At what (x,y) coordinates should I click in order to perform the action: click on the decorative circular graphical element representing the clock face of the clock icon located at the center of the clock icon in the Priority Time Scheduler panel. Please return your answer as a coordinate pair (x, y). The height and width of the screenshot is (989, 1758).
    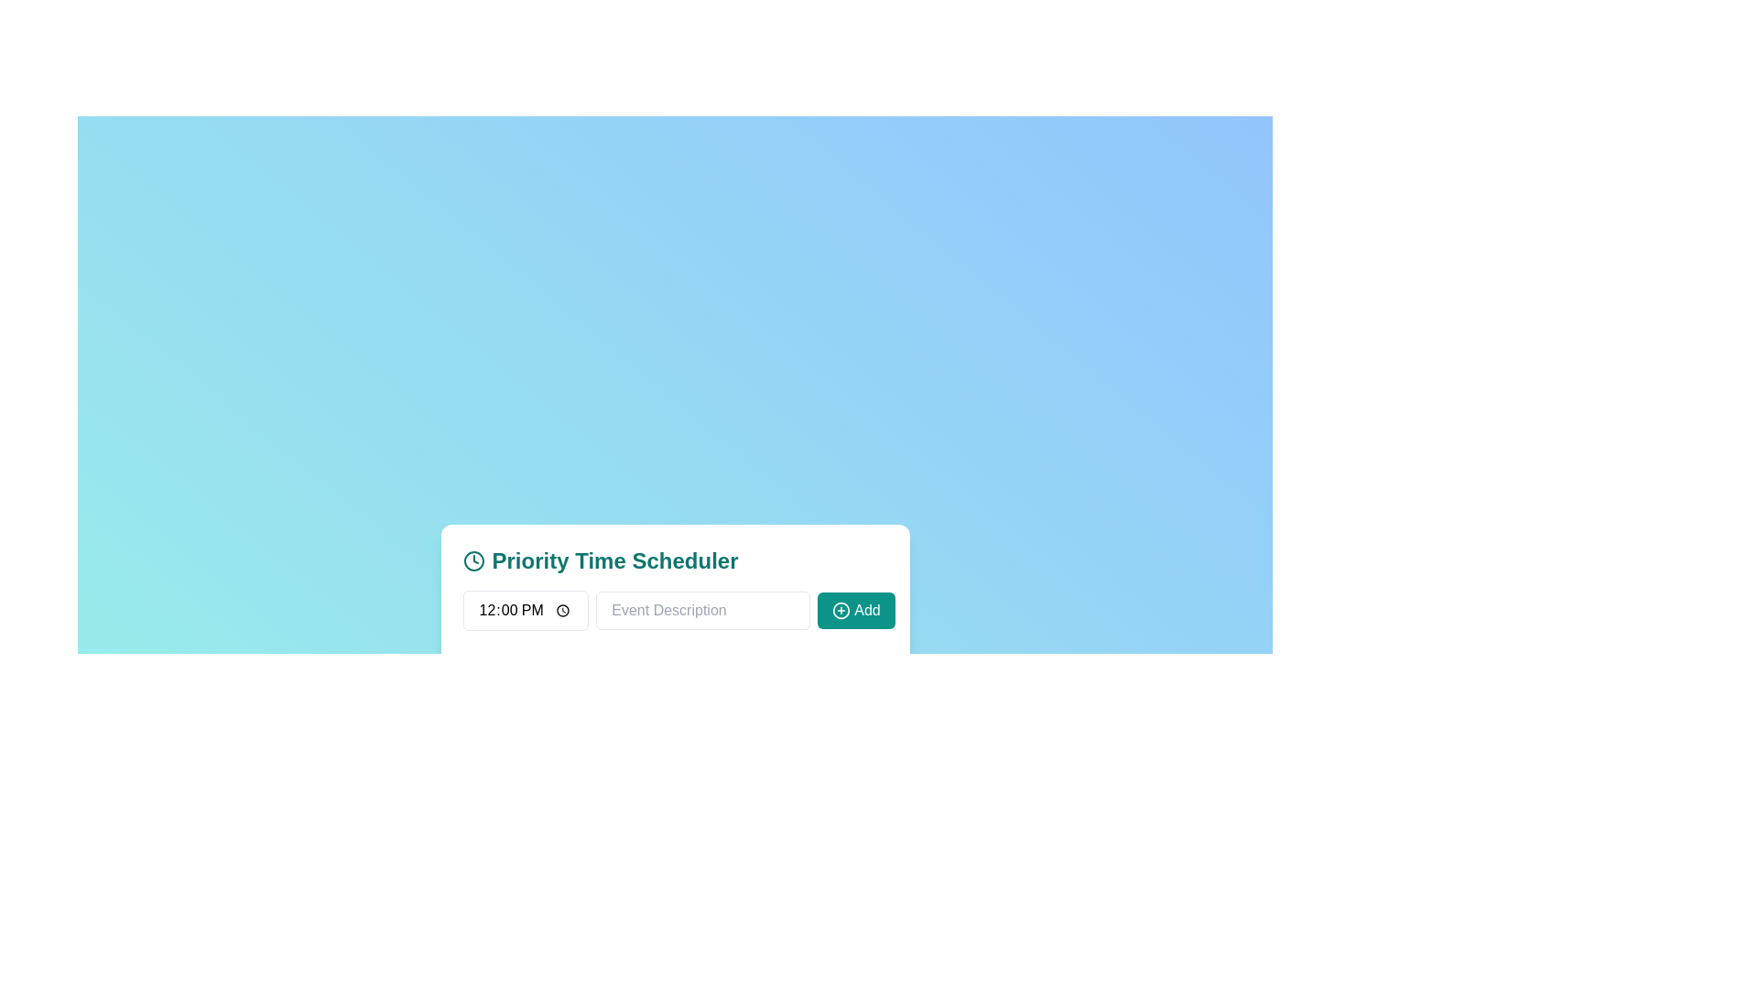
    Looking at the image, I should click on (473, 560).